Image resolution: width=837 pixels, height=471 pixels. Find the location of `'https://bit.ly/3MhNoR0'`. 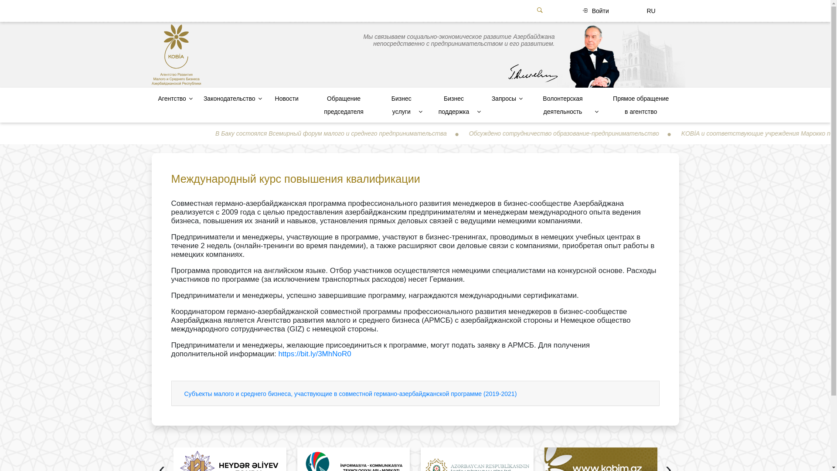

'https://bit.ly/3MhNoR0' is located at coordinates (278, 354).